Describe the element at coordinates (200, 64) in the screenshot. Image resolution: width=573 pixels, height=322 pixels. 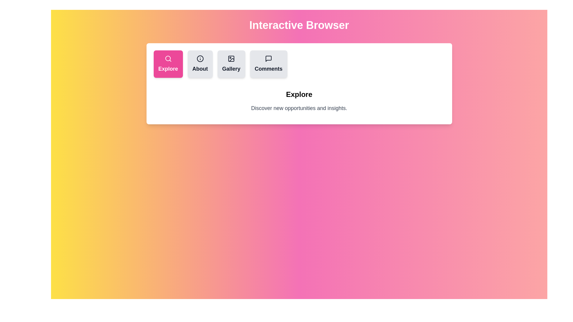
I see `the tab labeled About by clicking its button` at that location.